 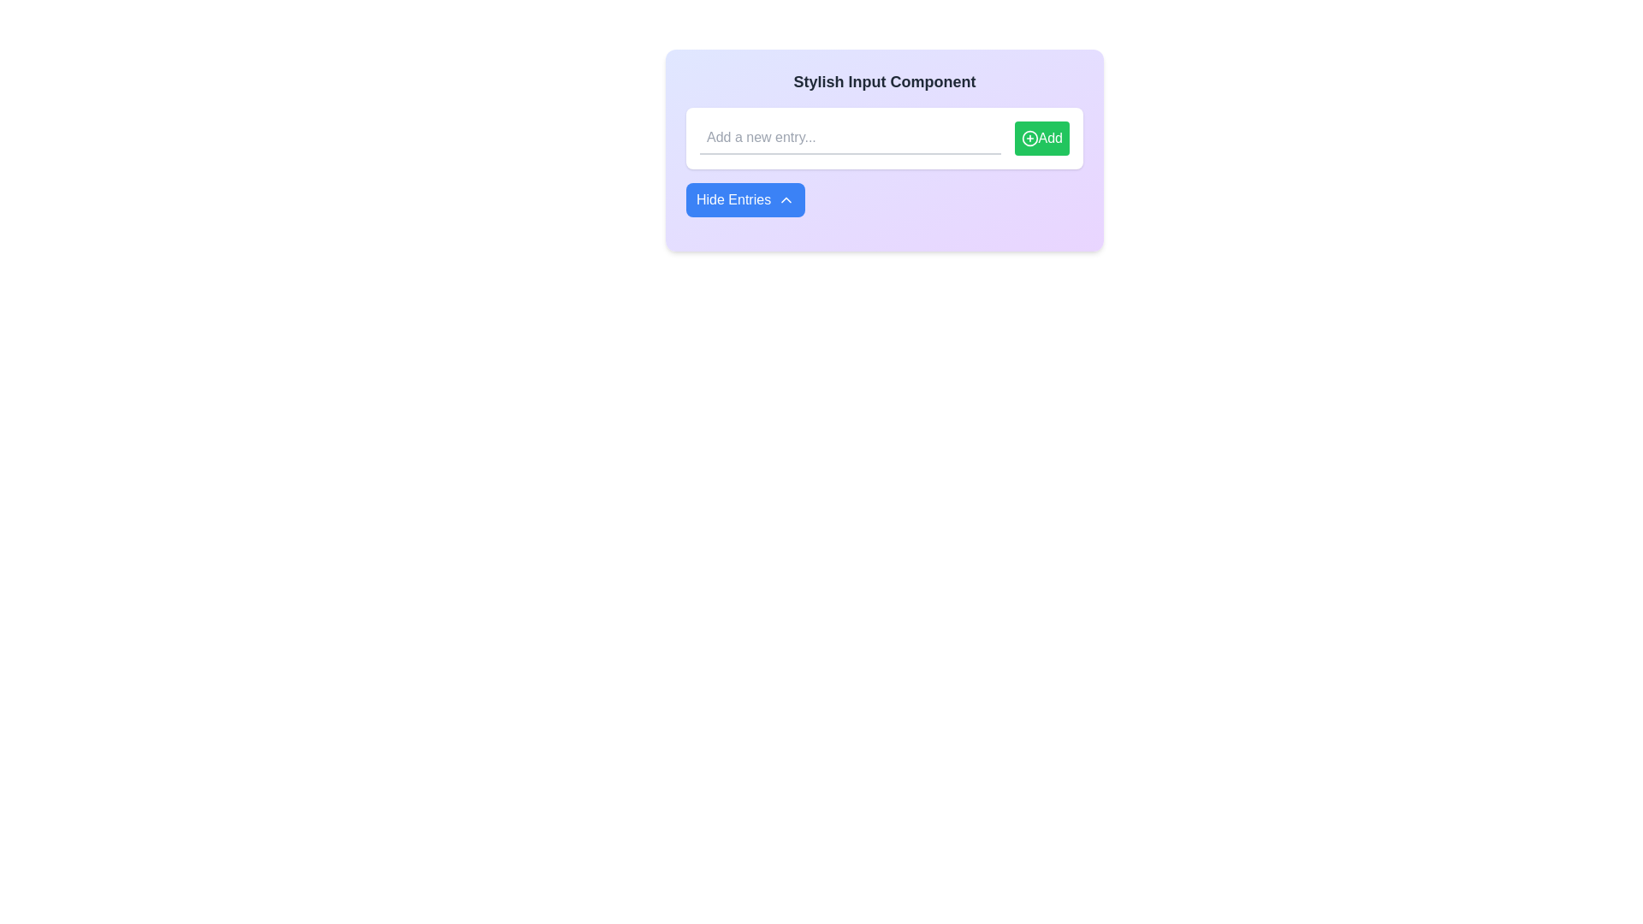 I want to click on the text input field located in the 'Stylish Input Component' section to focus on it, so click(x=884, y=150).